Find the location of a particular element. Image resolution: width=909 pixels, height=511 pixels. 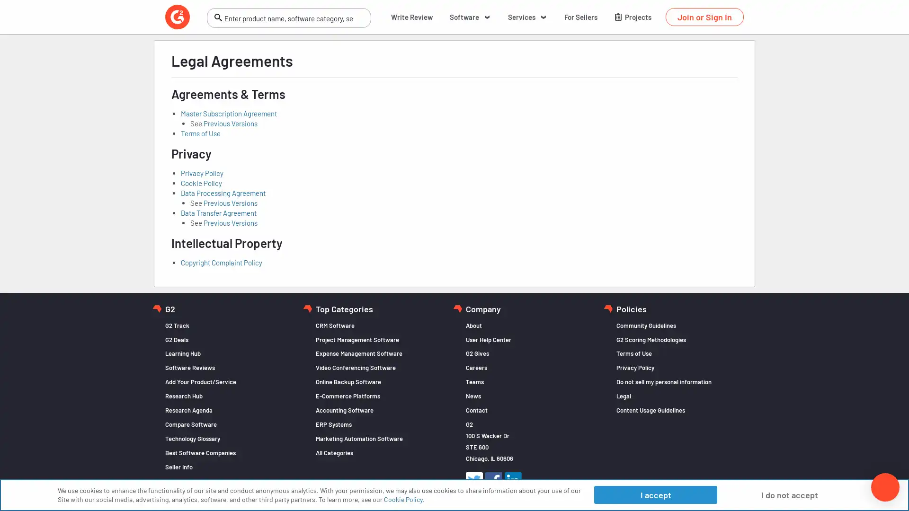

I accept is located at coordinates (655, 494).